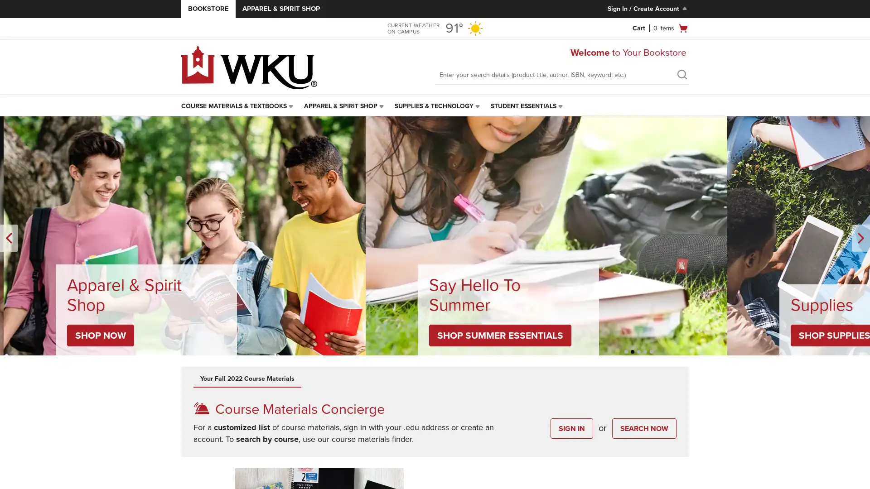 The image size is (870, 489). Describe the element at coordinates (643, 428) in the screenshot. I see `SEARCH NOW` at that location.